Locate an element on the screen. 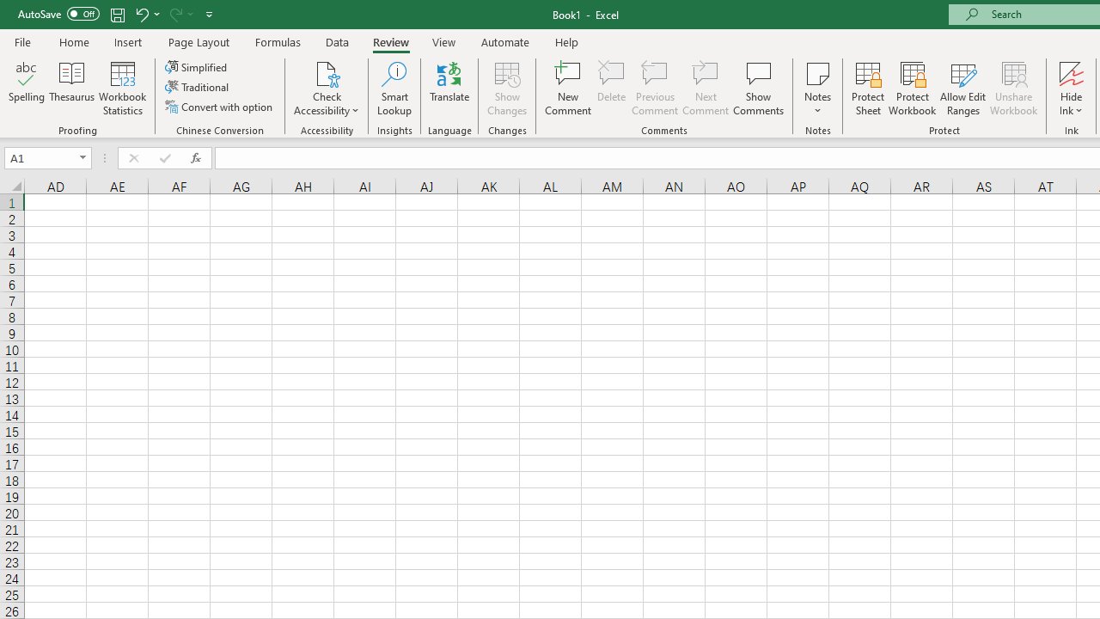  'Show Comments' is located at coordinates (758, 89).